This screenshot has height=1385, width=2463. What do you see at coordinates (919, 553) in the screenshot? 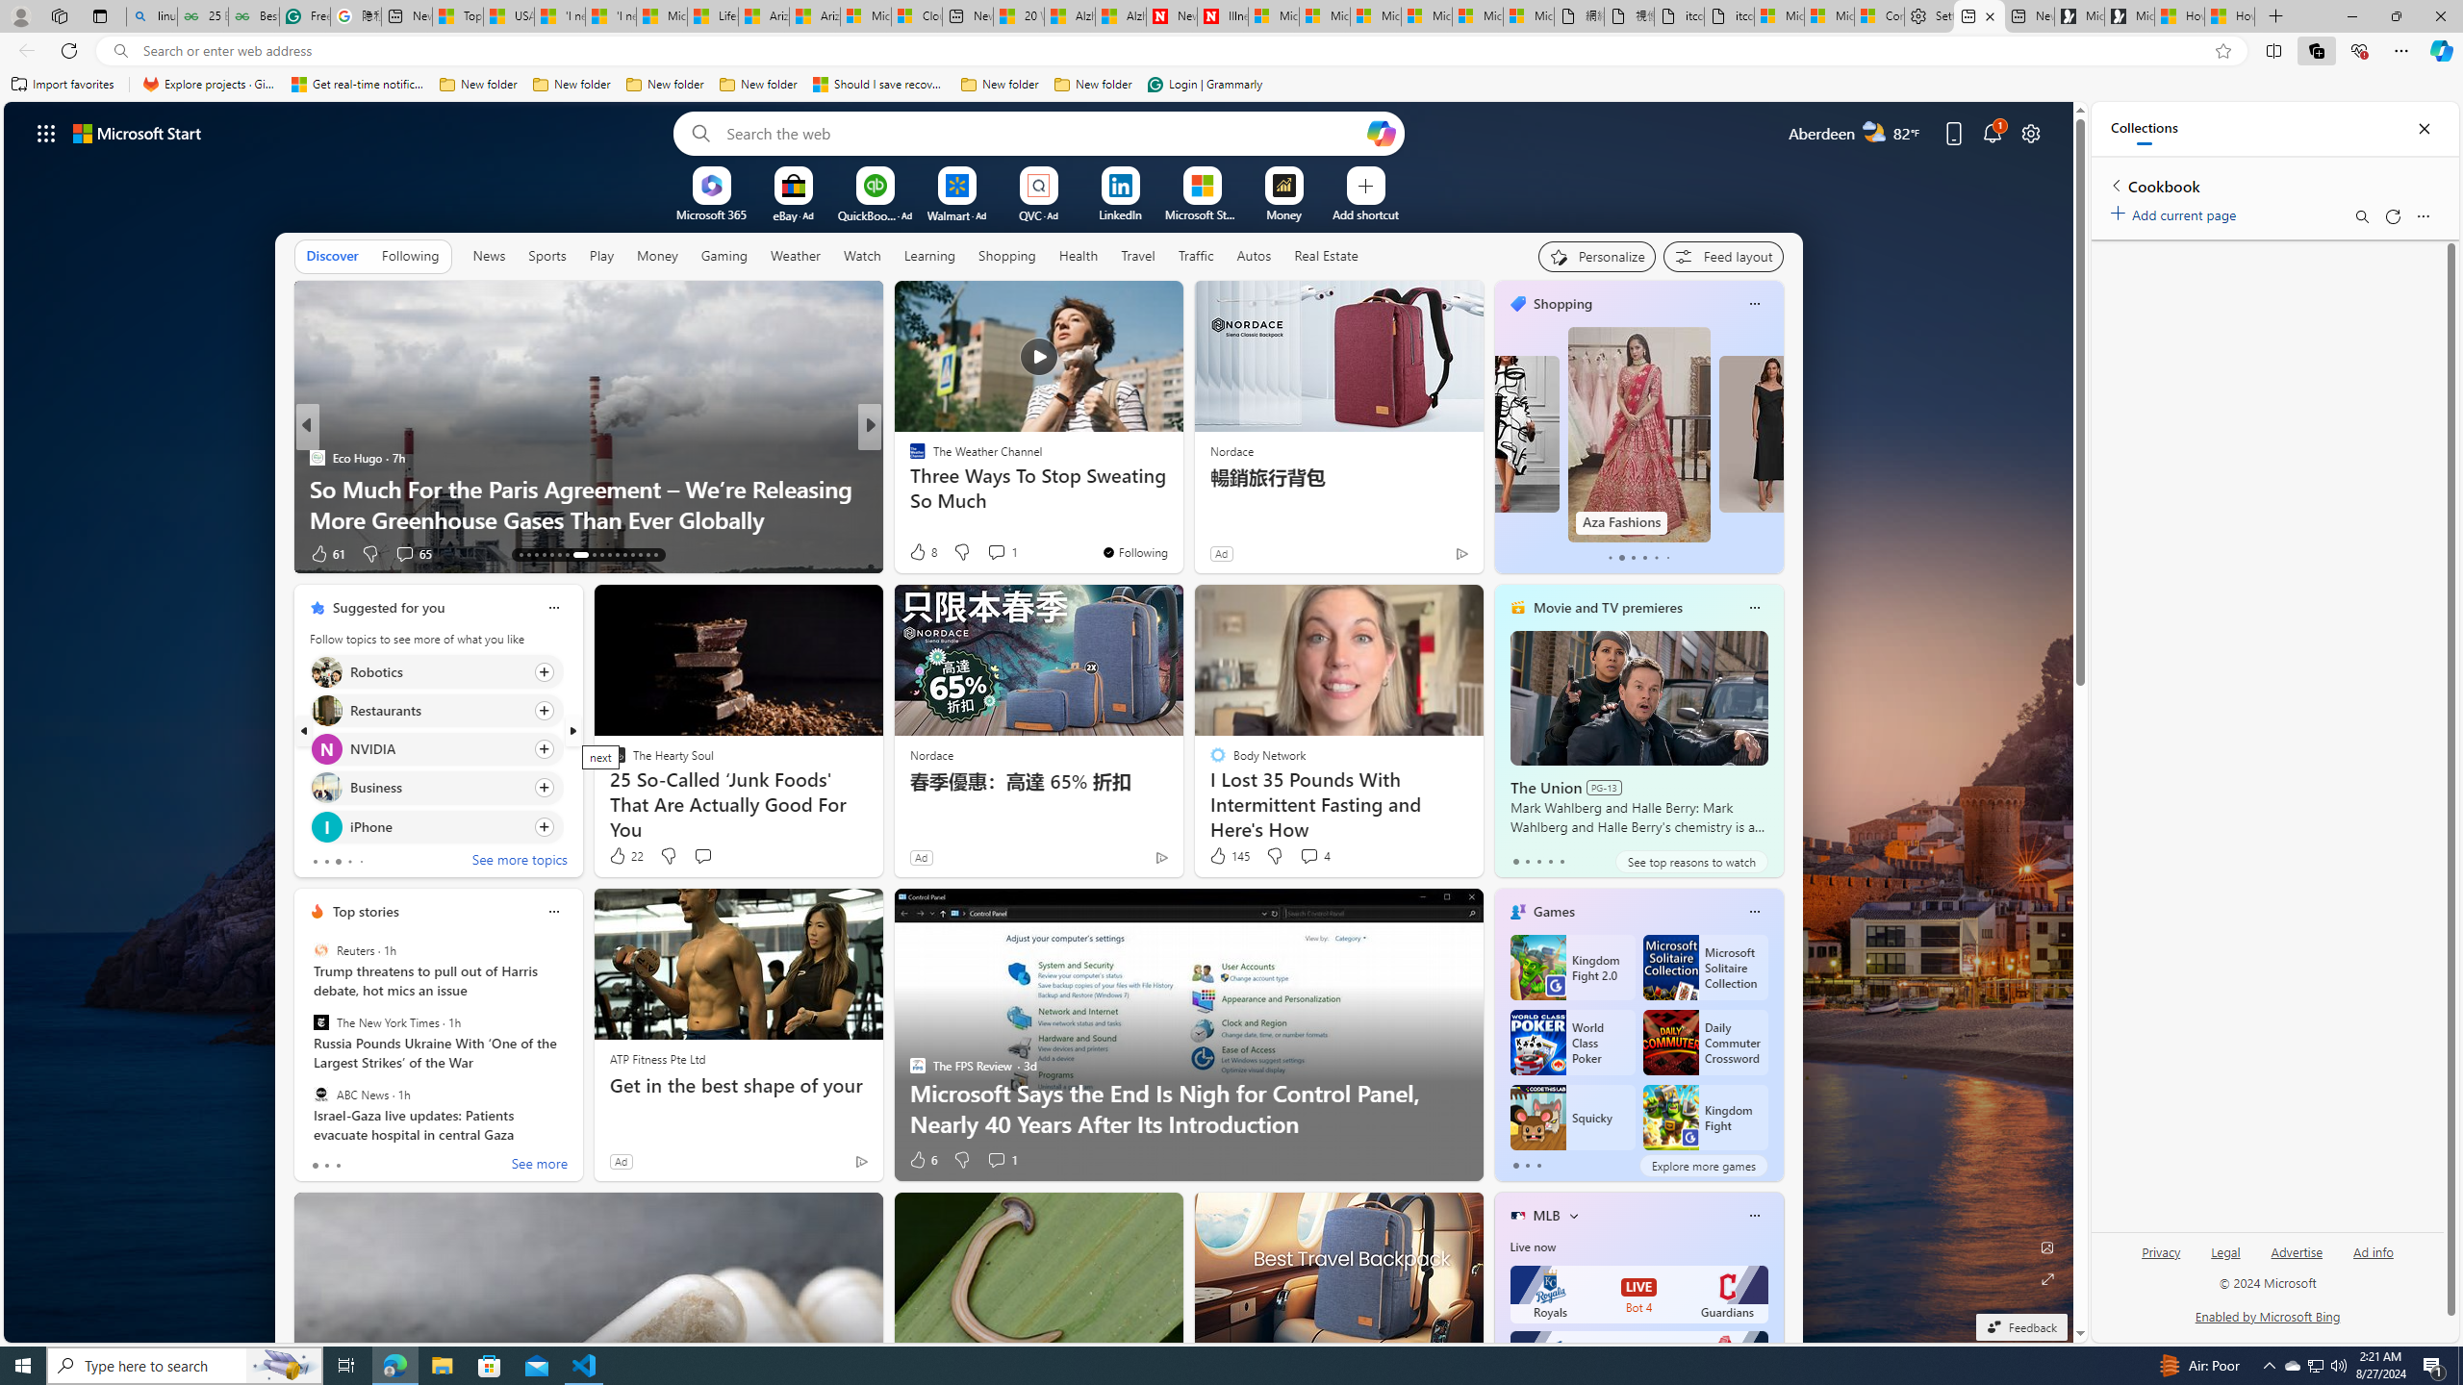
I see `'40 Like'` at bounding box center [919, 553].